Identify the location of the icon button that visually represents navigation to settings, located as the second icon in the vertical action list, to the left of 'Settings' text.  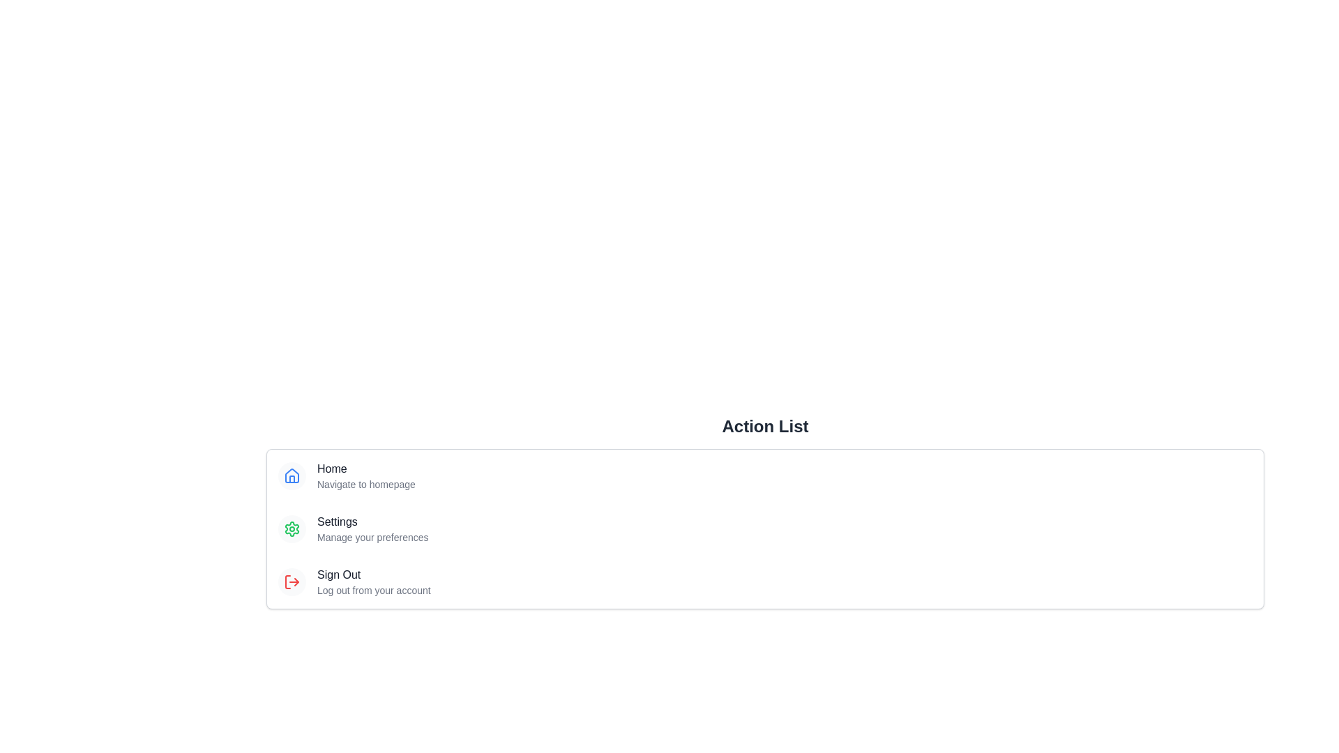
(291, 529).